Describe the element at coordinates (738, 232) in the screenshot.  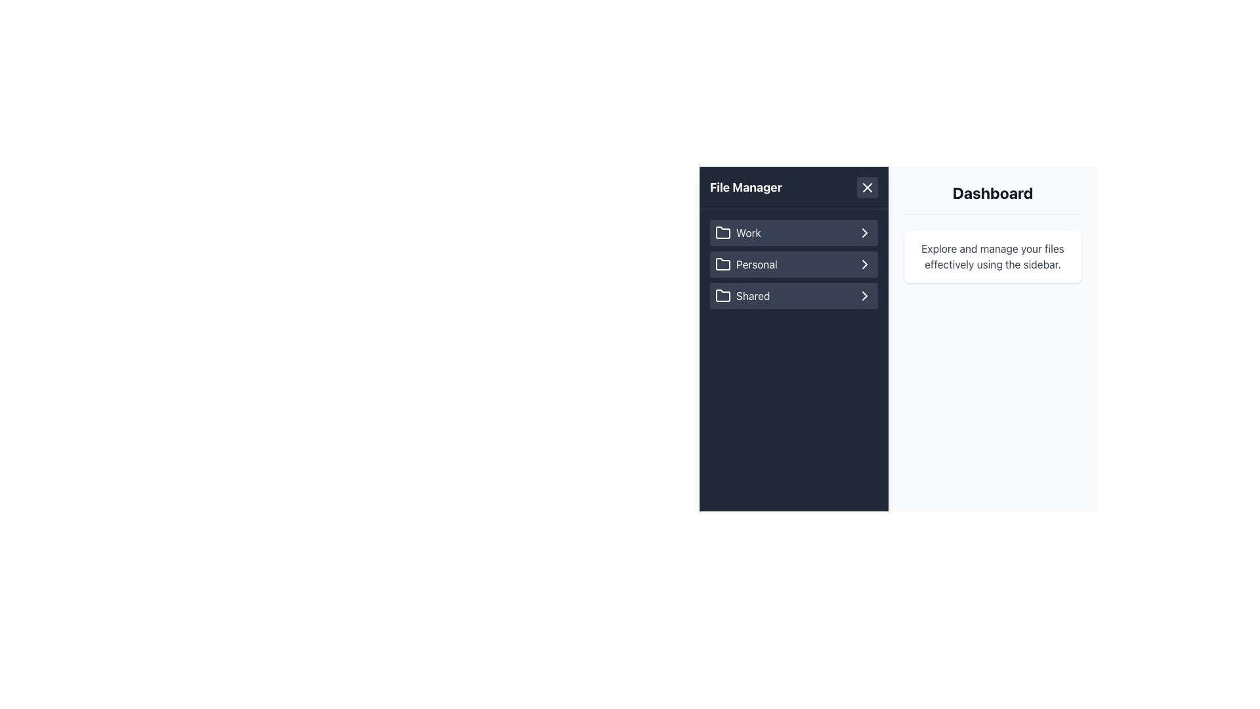
I see `the 'Work' label with folder icon located in the vertical list under the 'File Manager' header` at that location.